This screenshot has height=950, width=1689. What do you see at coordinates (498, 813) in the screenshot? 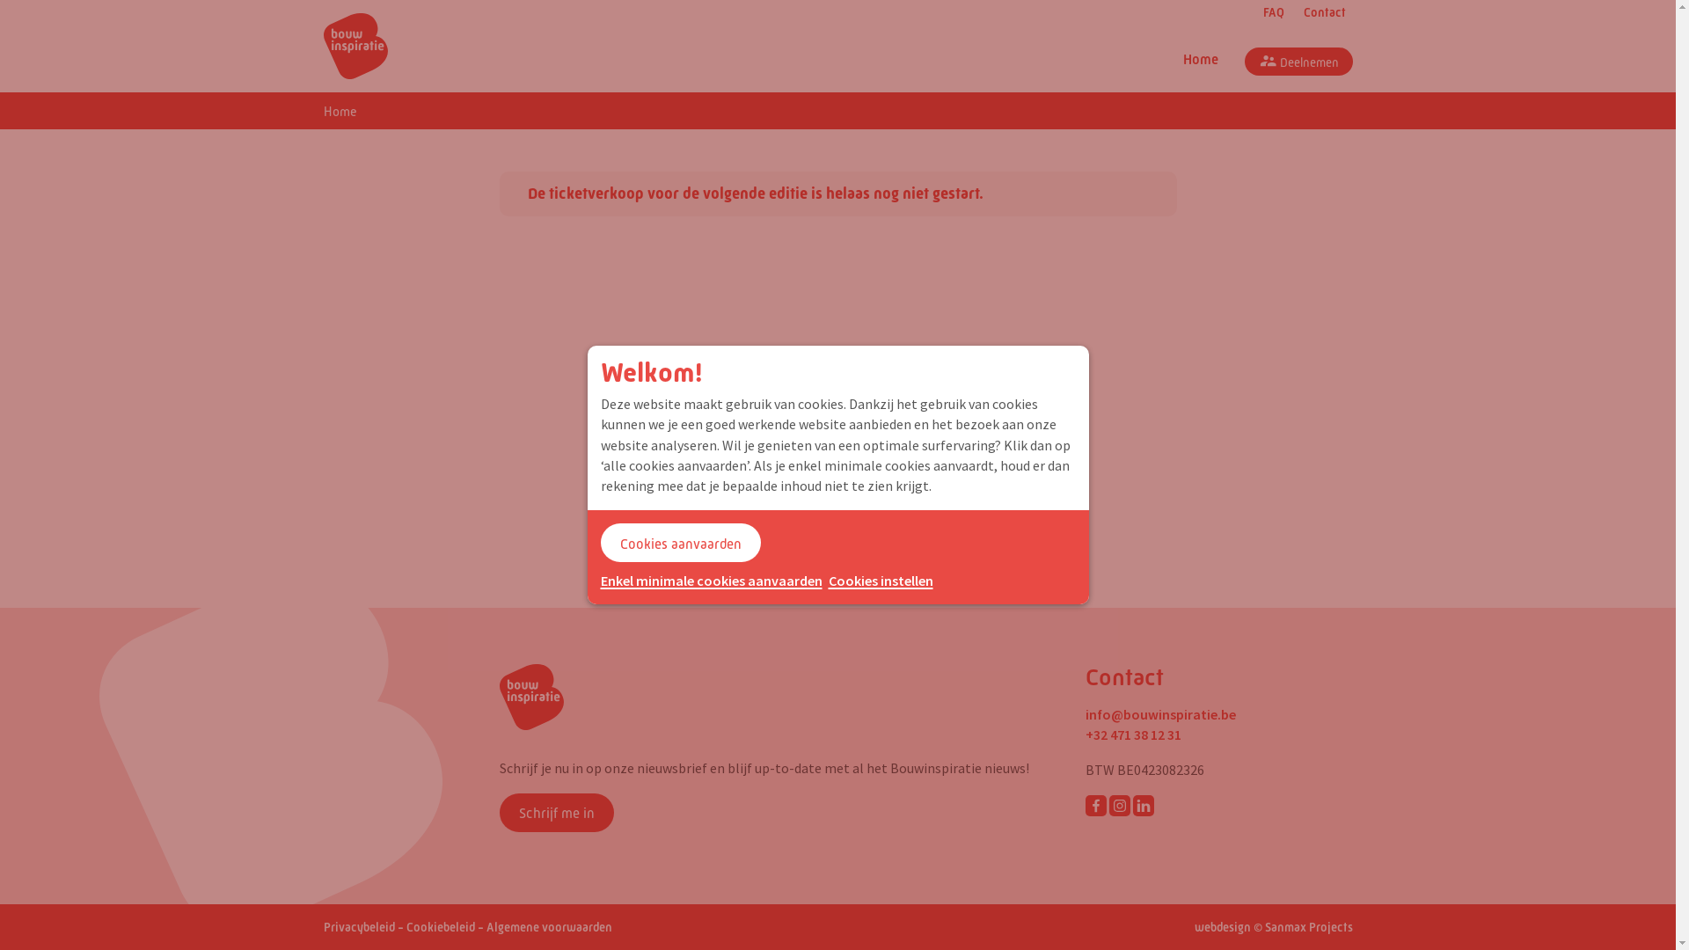
I see `'Schrijf me in'` at bounding box center [498, 813].